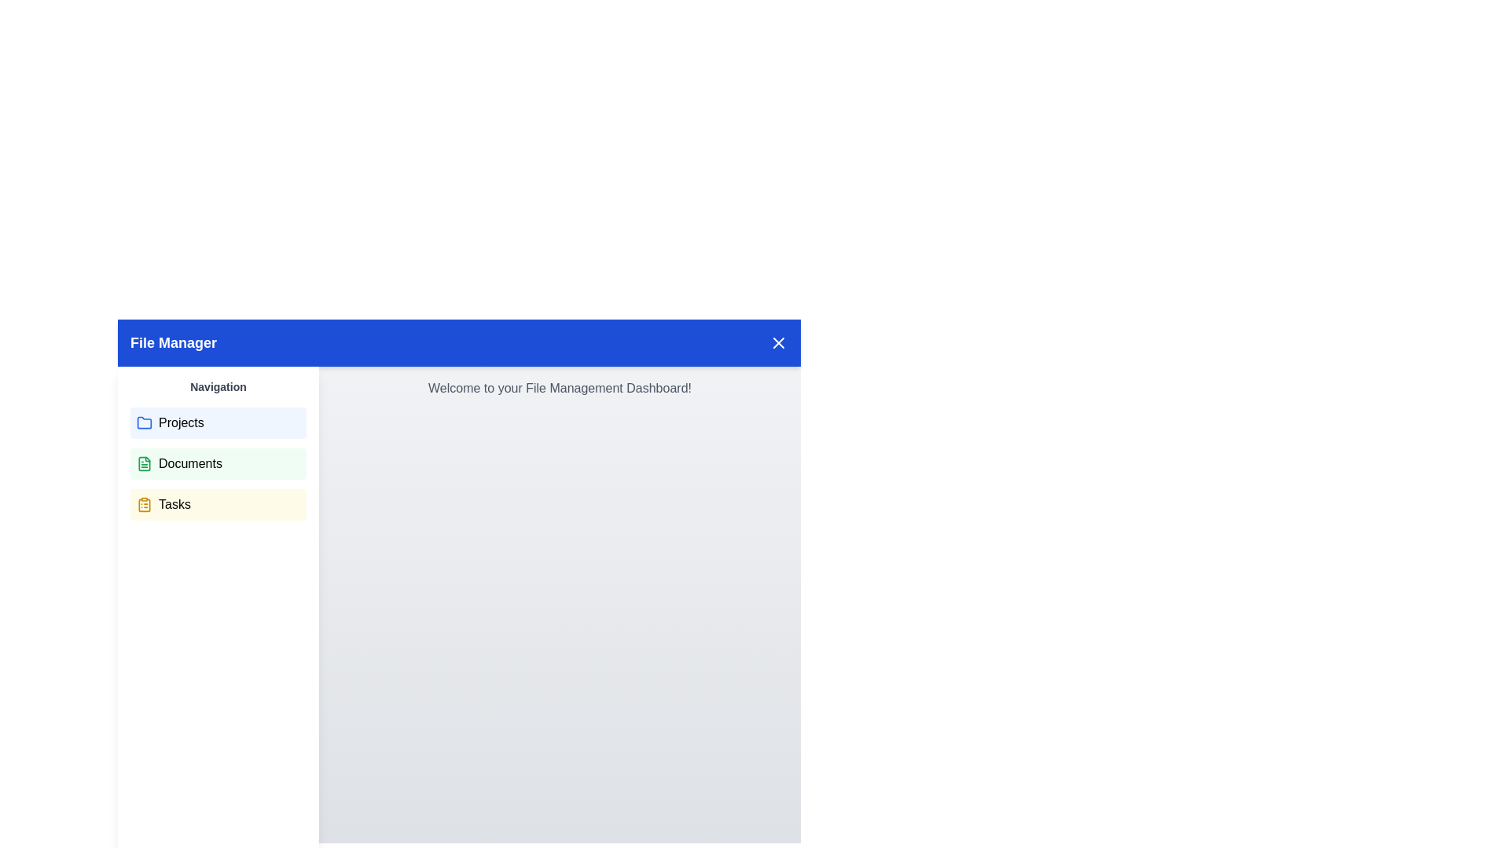 Image resolution: width=1509 pixels, height=848 pixels. I want to click on the 'Documents' button, which is a rectangular button with a light green background and a green file icon on the left, so click(218, 462).